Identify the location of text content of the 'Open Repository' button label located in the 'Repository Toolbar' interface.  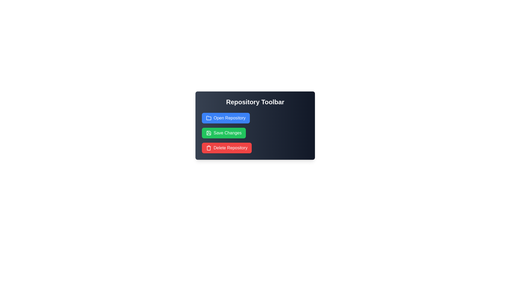
(230, 118).